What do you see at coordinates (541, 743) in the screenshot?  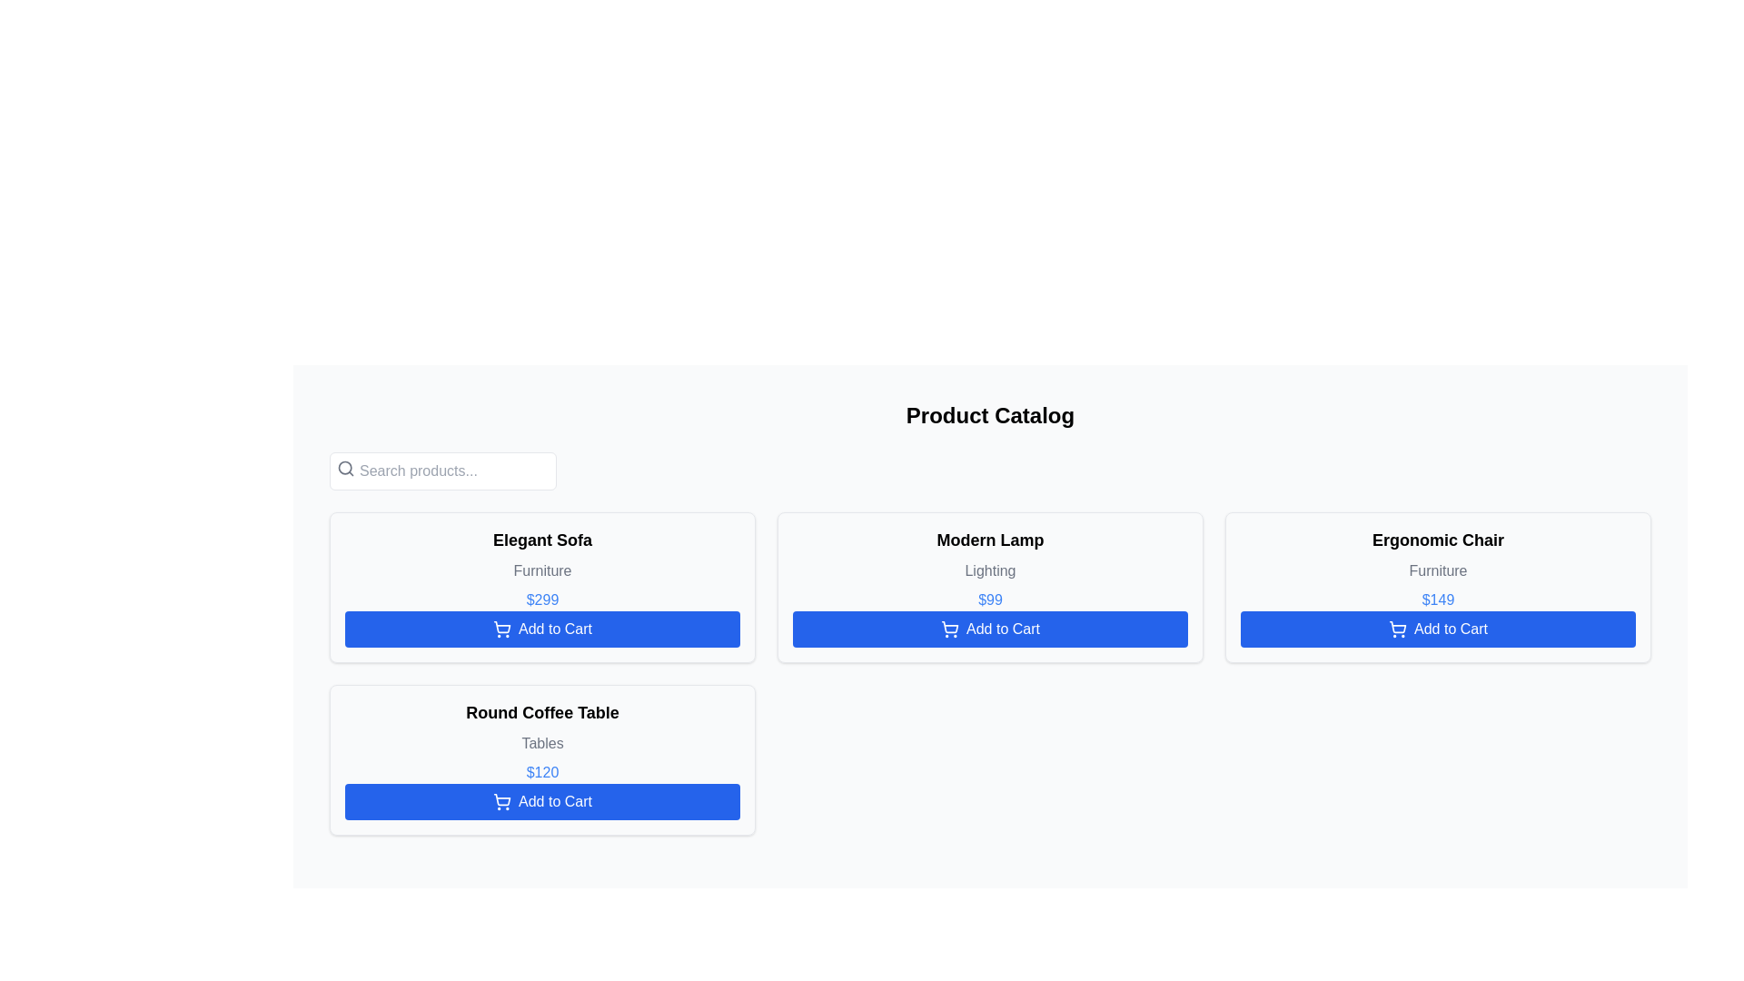 I see `the static text label displaying 'Tables' in light gray color, located below the 'Round Coffee Table' title and above the price section` at bounding box center [541, 743].